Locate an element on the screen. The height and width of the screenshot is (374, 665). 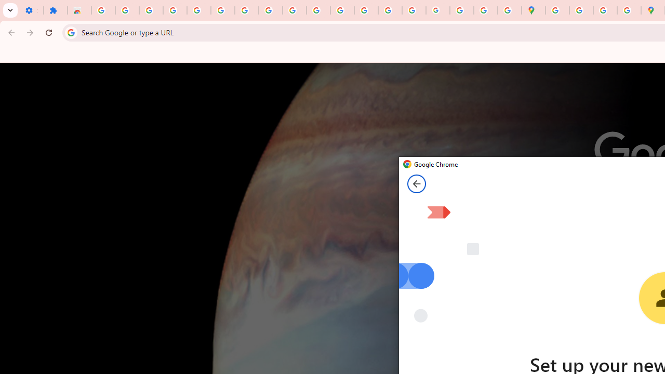
'https://scholar.google.com/' is located at coordinates (342, 10).